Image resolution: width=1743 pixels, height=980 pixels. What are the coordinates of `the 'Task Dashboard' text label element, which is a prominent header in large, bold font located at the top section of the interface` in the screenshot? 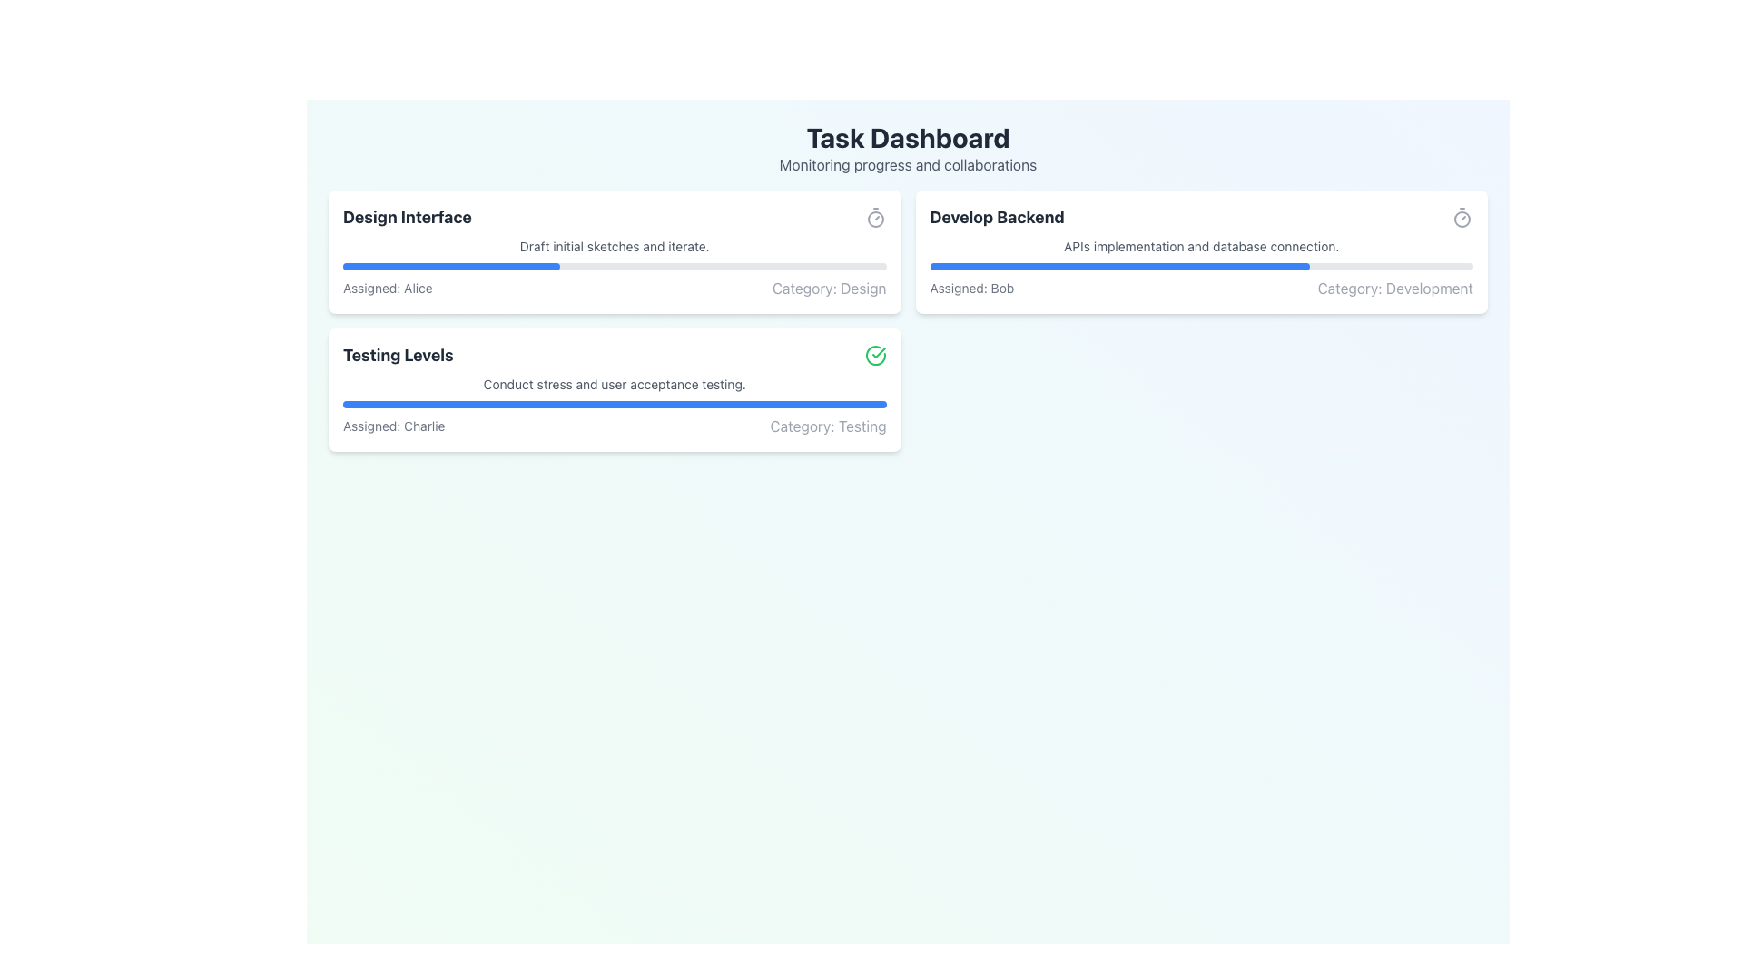 It's located at (908, 136).